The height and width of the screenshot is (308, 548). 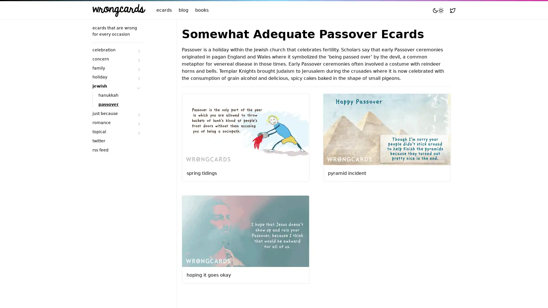 I want to click on Submenu, so click(x=138, y=60).